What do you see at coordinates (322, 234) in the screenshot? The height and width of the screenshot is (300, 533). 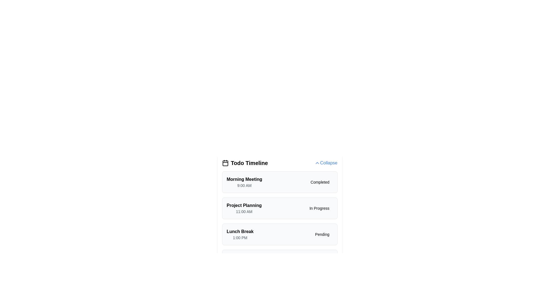 I see `status text from the label indicating the current status of the task in the third item labeled 'Lunch Break 1:00 PM' in the 'Todo Timeline'` at bounding box center [322, 234].